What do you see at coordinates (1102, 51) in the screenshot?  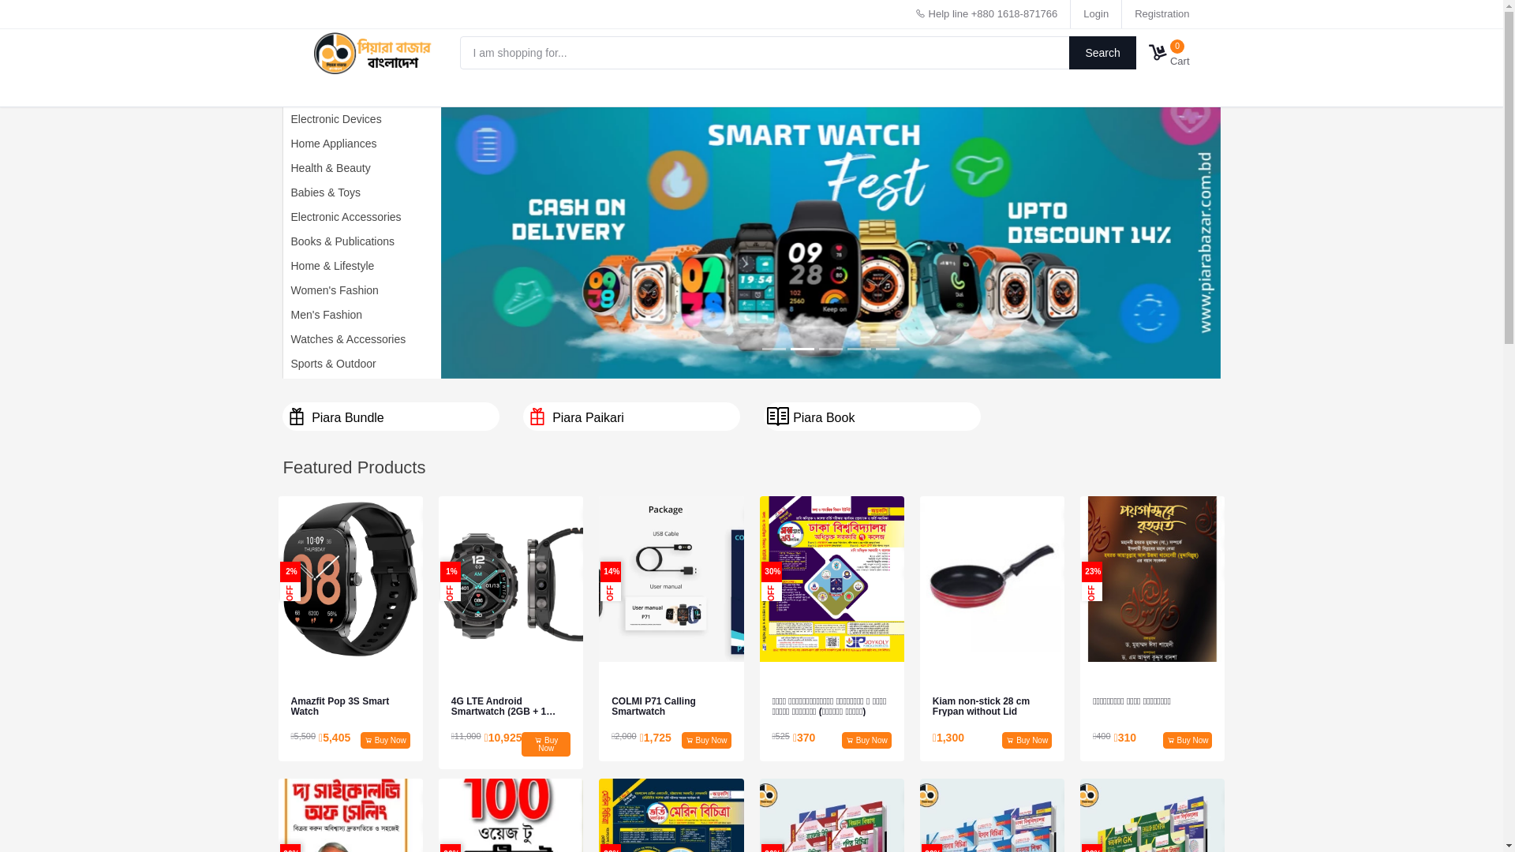 I see `'Search'` at bounding box center [1102, 51].